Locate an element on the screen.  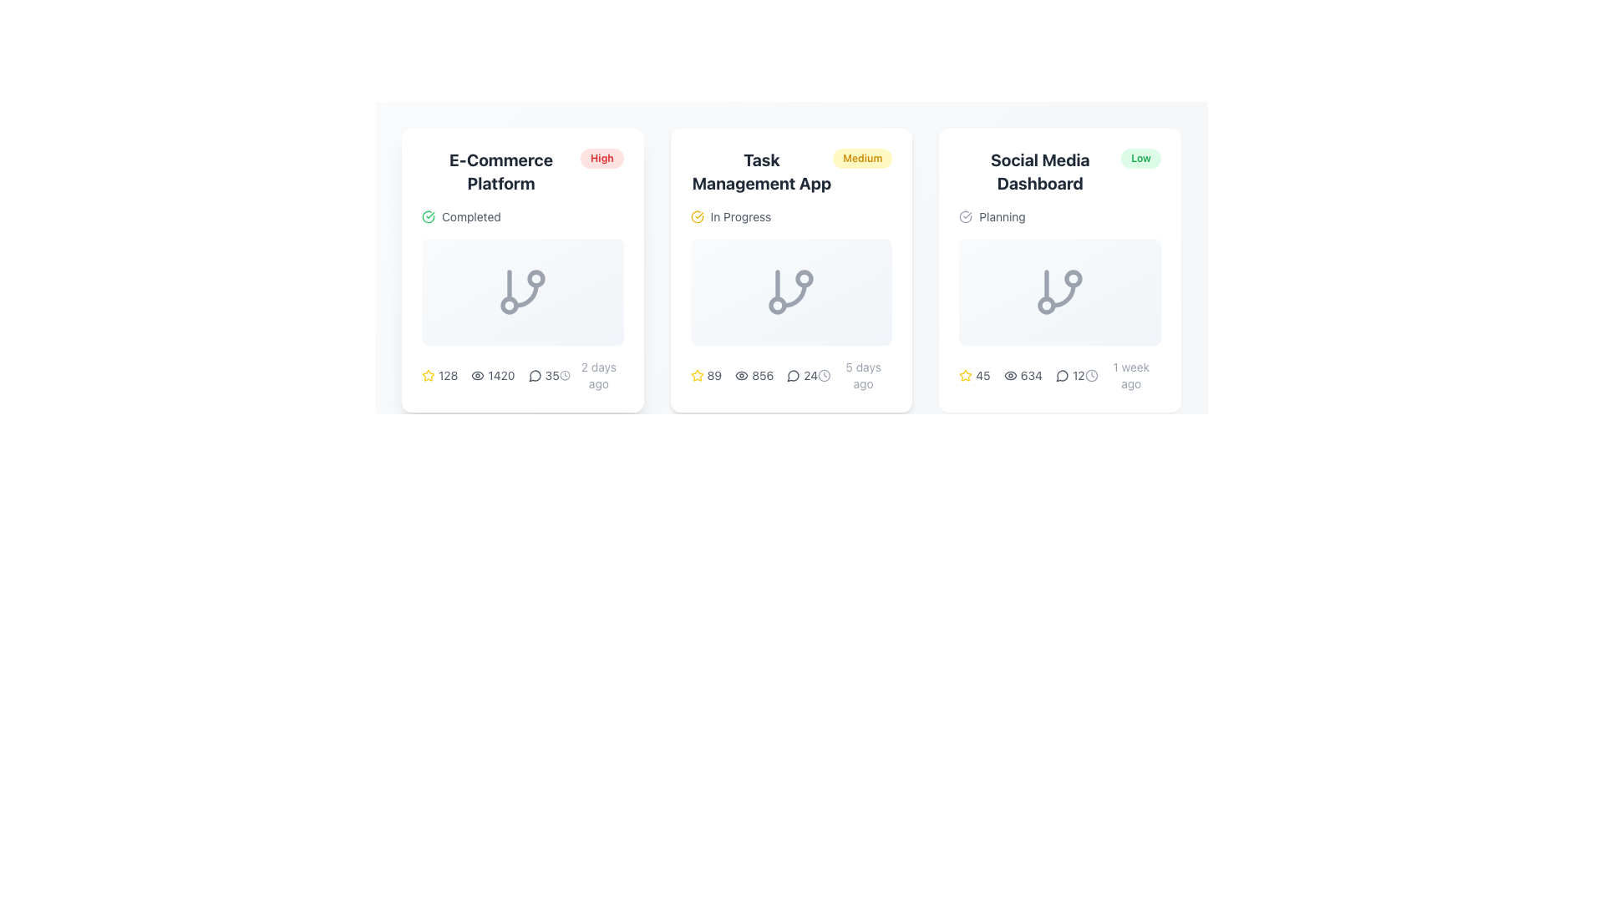
the outlined eye-shaped icon located at the bottom of the 'Task Management App' card, which is the leftmost component of a horizontal group of icons and text is located at coordinates (741, 376).